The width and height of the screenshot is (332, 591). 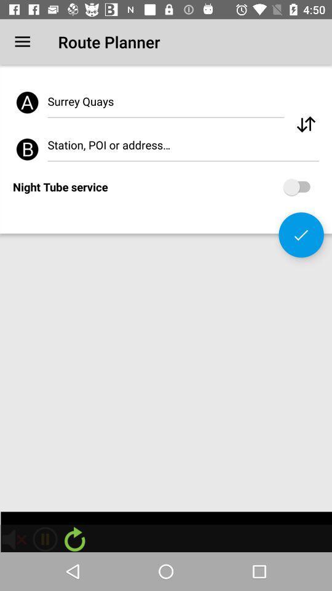 What do you see at coordinates (301, 234) in the screenshot?
I see `confirm route` at bounding box center [301, 234].